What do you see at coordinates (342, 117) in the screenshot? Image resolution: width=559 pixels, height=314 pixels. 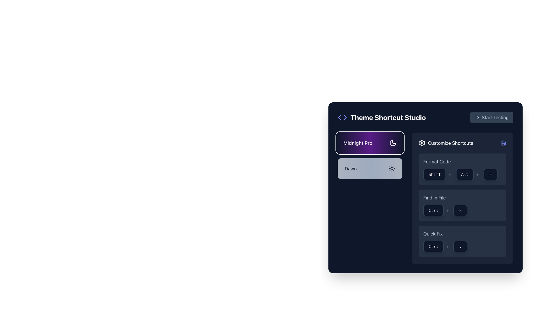 I see `the left-pointing chevron icon in the top-left corner of the 'Theme Shortcut Studio' interface` at bounding box center [342, 117].